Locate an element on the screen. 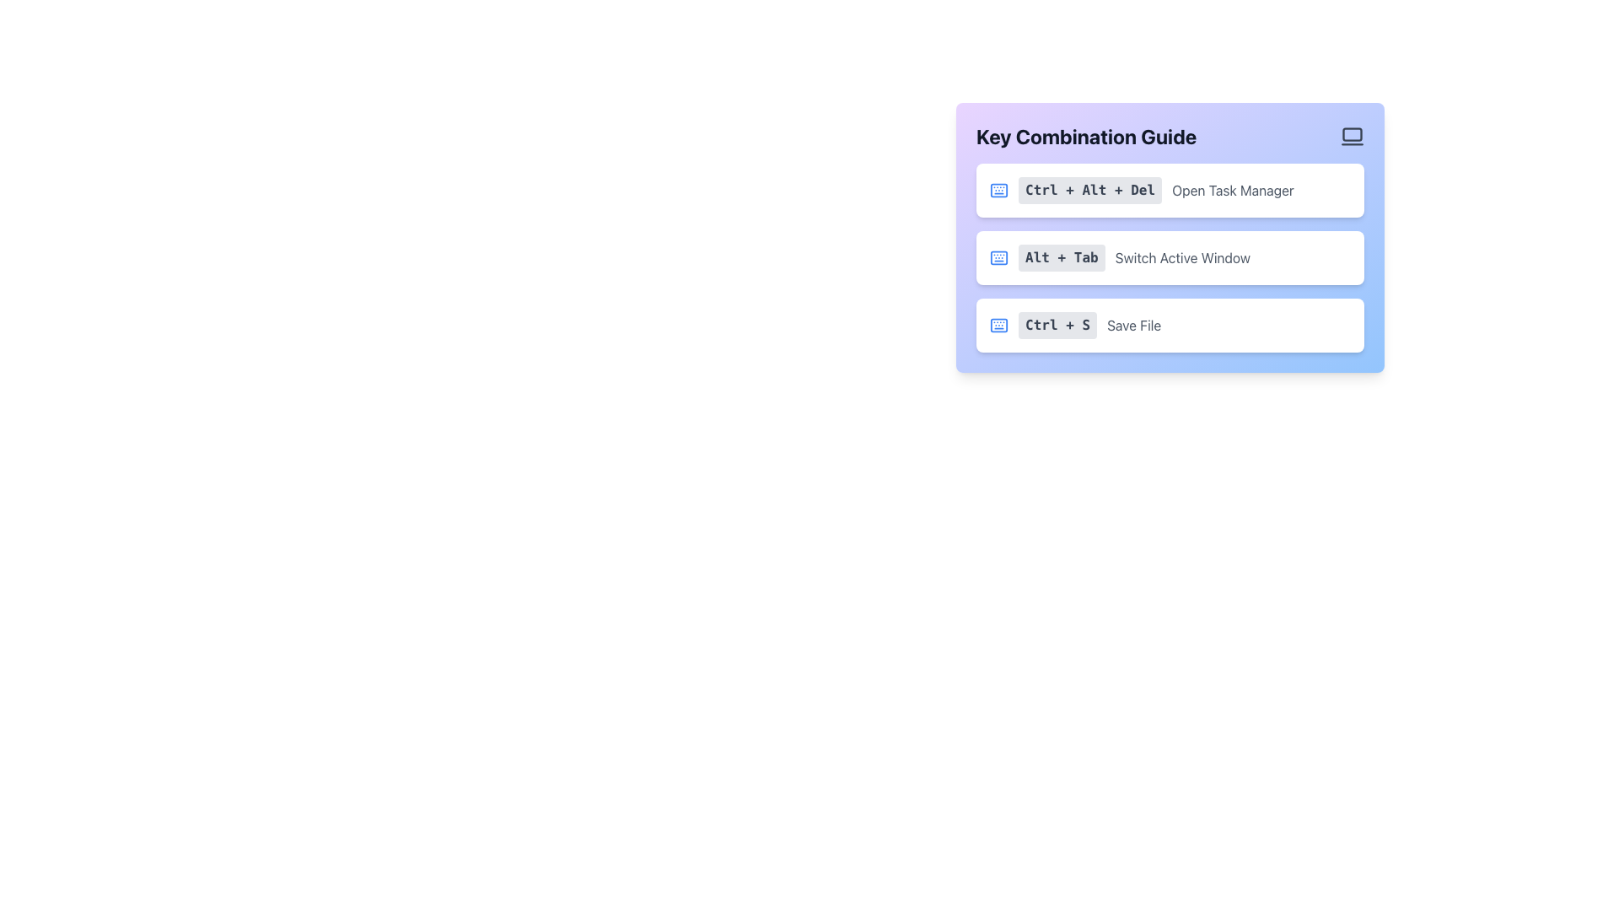 This screenshot has width=1619, height=911. the laptop icon located in the top-right corner of the header section labeled 'Key Combination Guide' is located at coordinates (1352, 136).